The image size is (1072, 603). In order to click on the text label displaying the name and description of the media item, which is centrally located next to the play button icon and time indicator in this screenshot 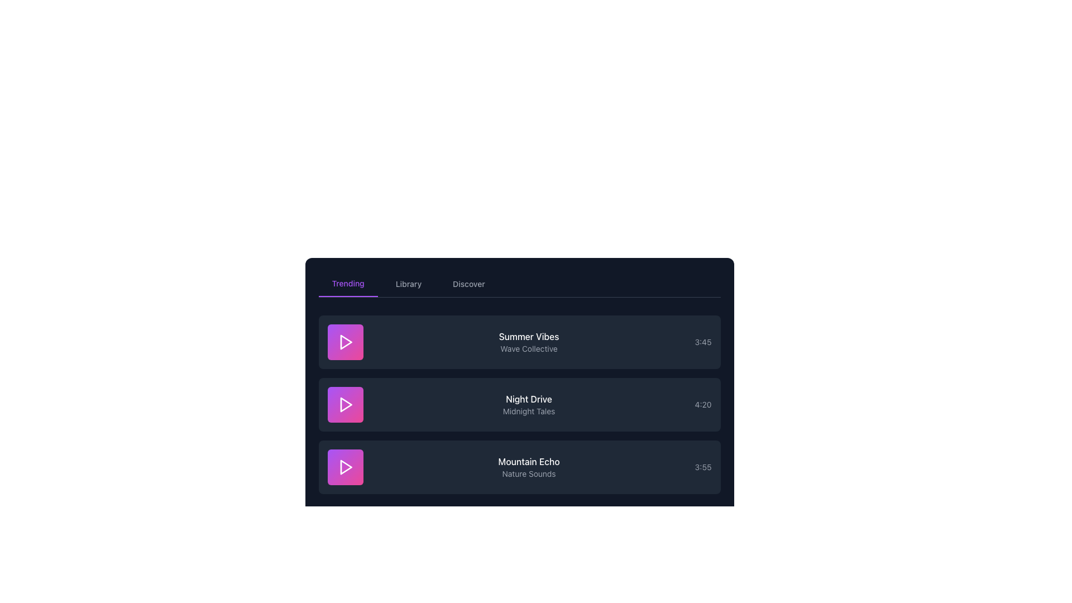, I will do `click(528, 342)`.